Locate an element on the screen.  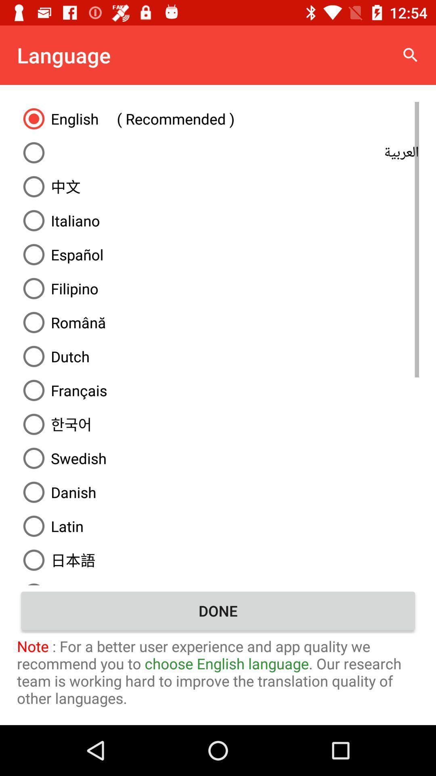
the swedish is located at coordinates (218, 458).